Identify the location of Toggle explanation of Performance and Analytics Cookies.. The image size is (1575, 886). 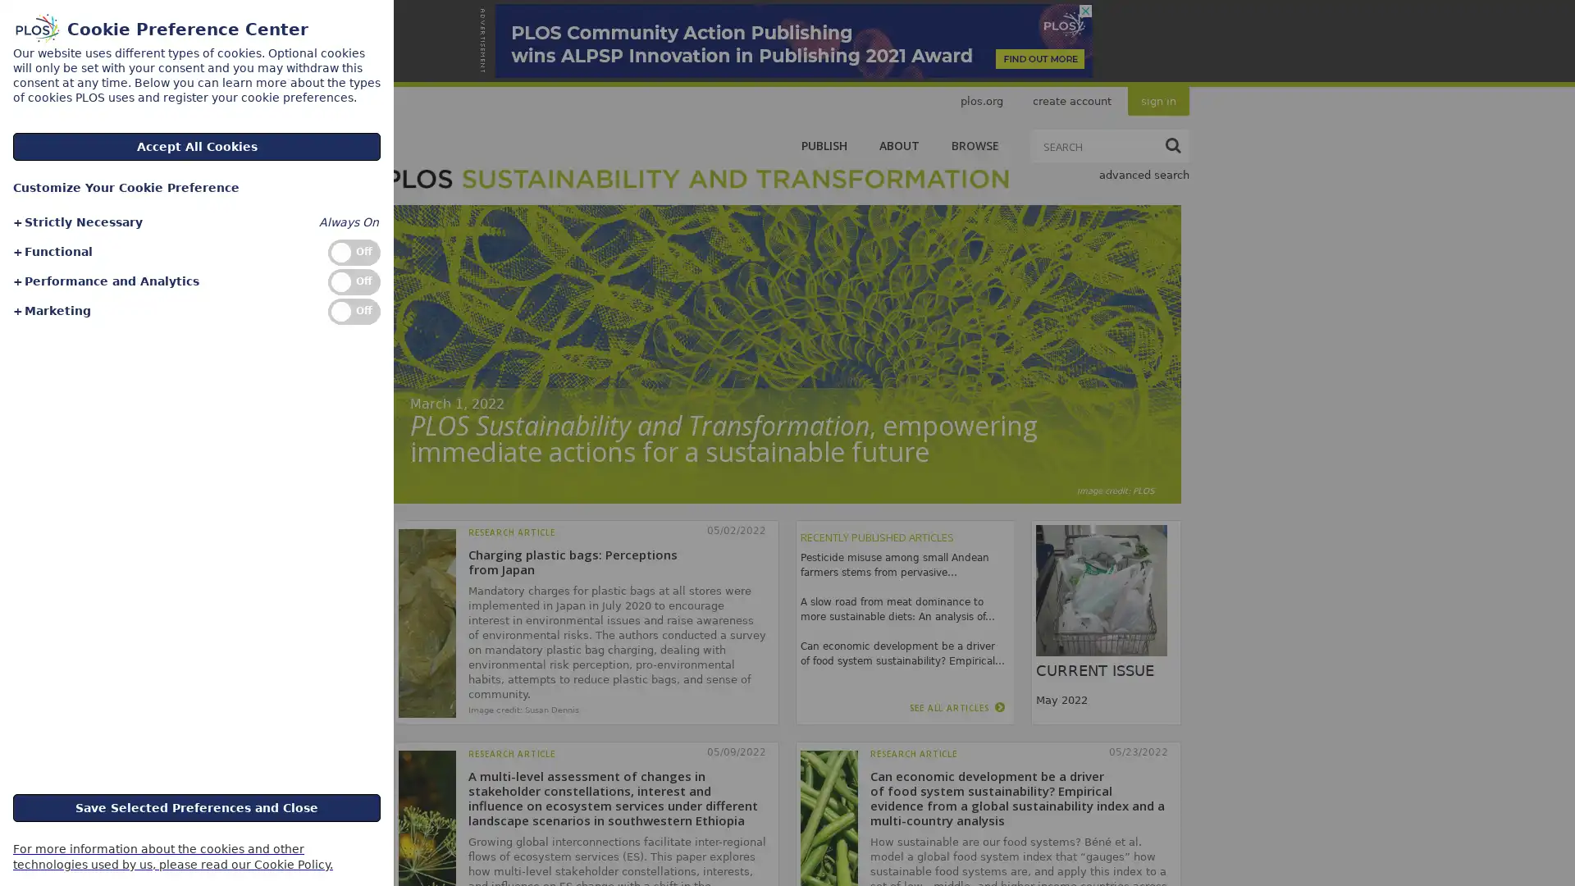
(104, 281).